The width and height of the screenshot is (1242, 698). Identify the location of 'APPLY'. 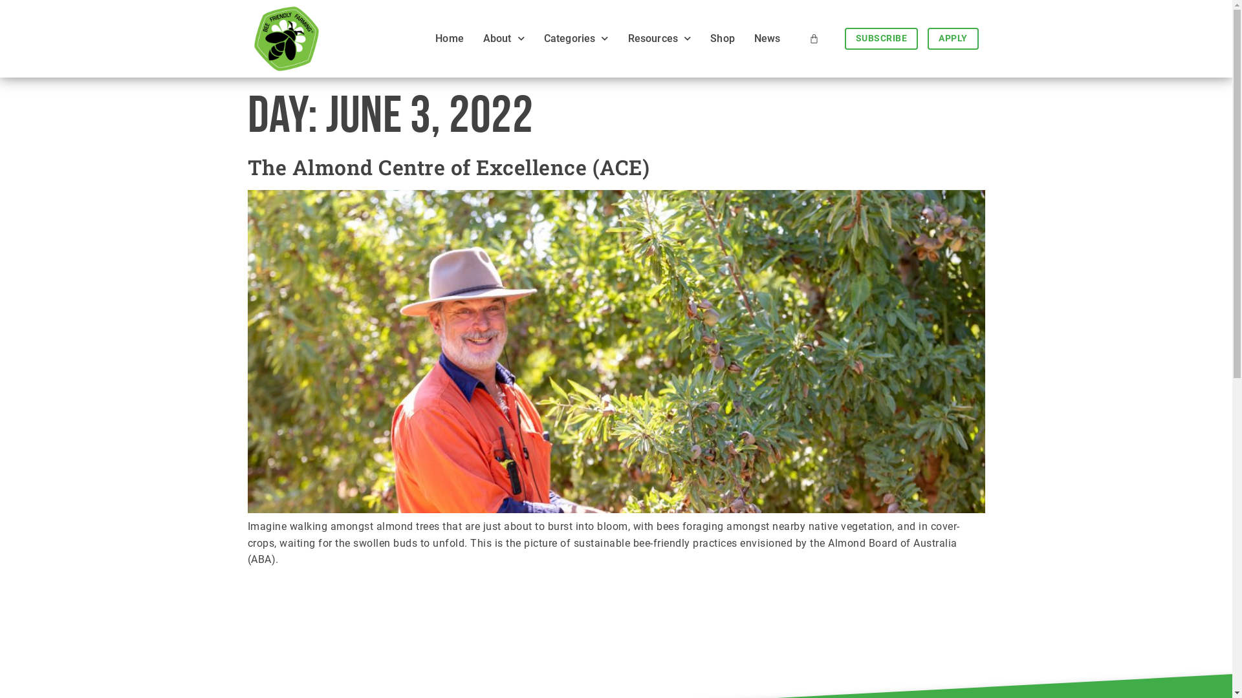
(953, 38).